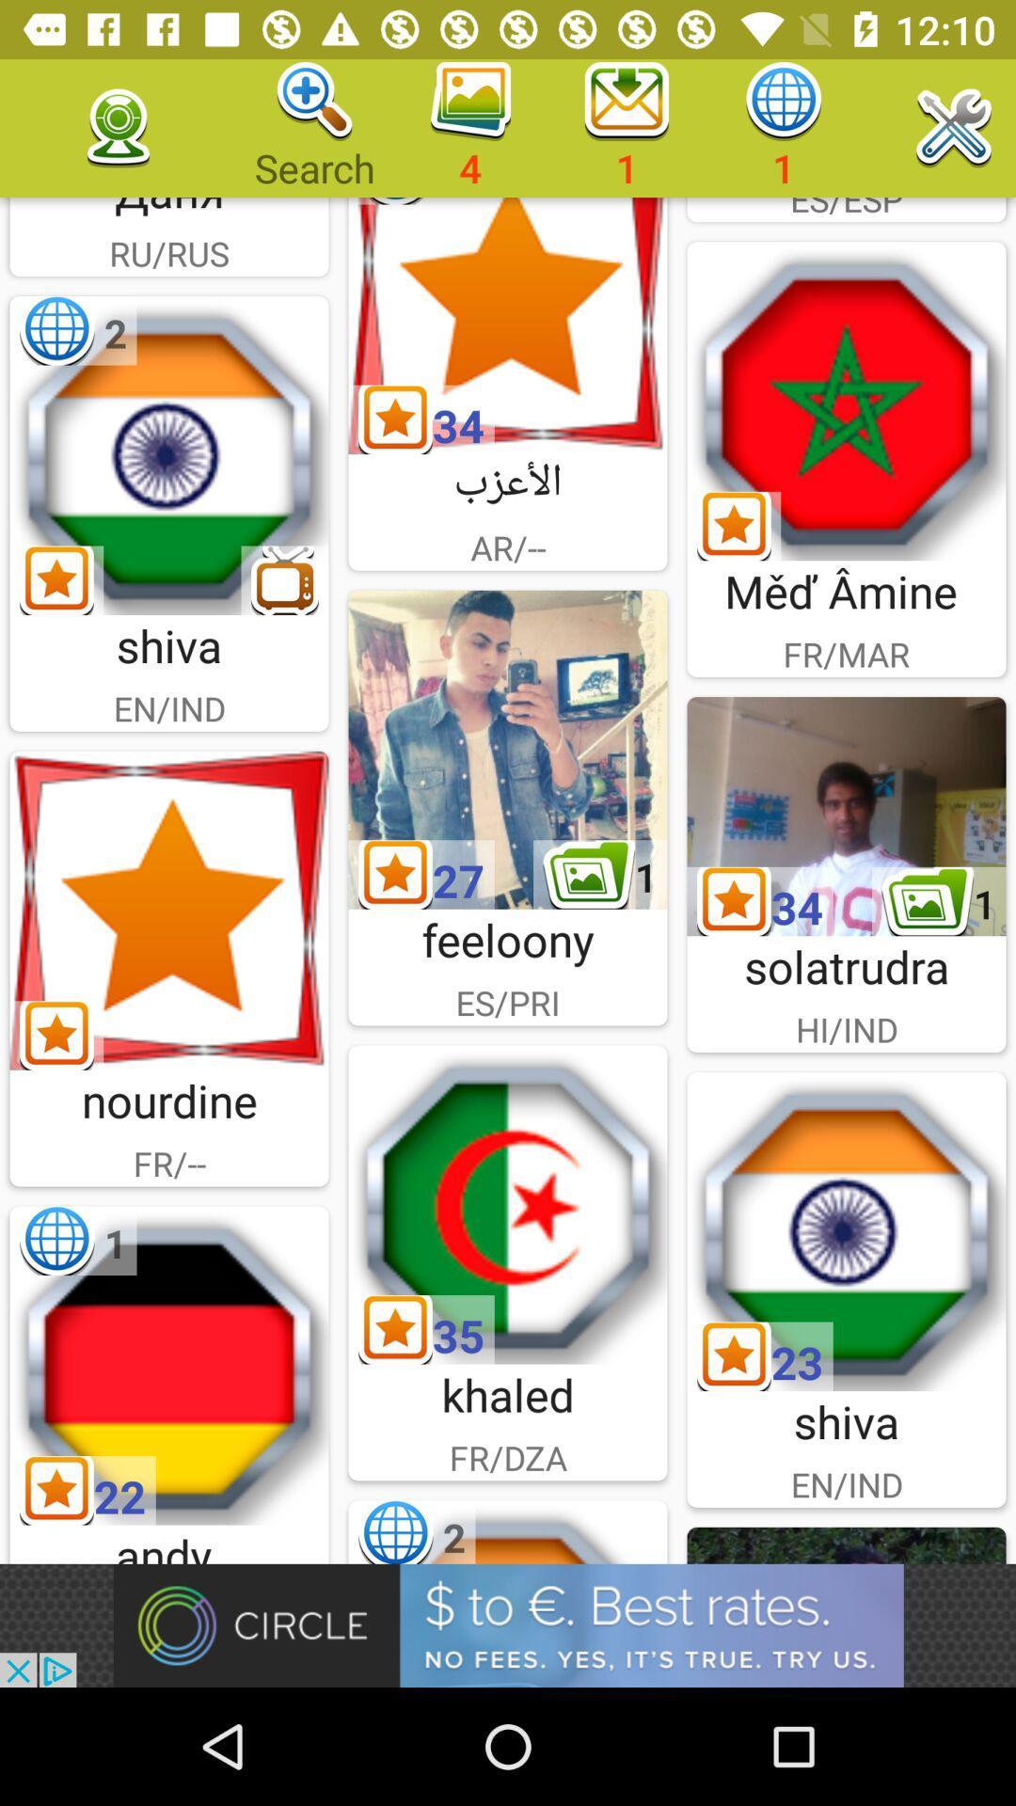 The image size is (1016, 1806). What do you see at coordinates (508, 1624) in the screenshot?
I see `convert from dollars to euros with no fees` at bounding box center [508, 1624].